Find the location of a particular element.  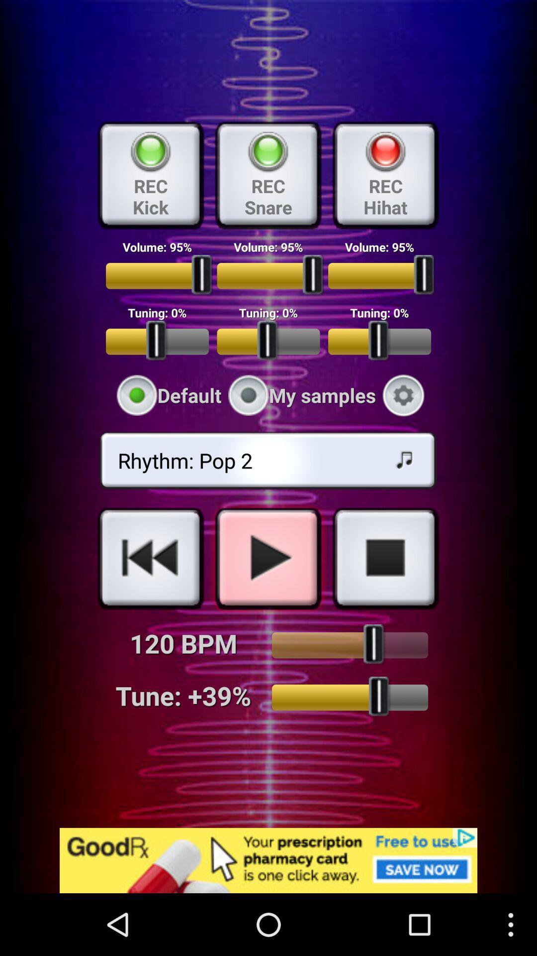

tuner is located at coordinates (349, 697).